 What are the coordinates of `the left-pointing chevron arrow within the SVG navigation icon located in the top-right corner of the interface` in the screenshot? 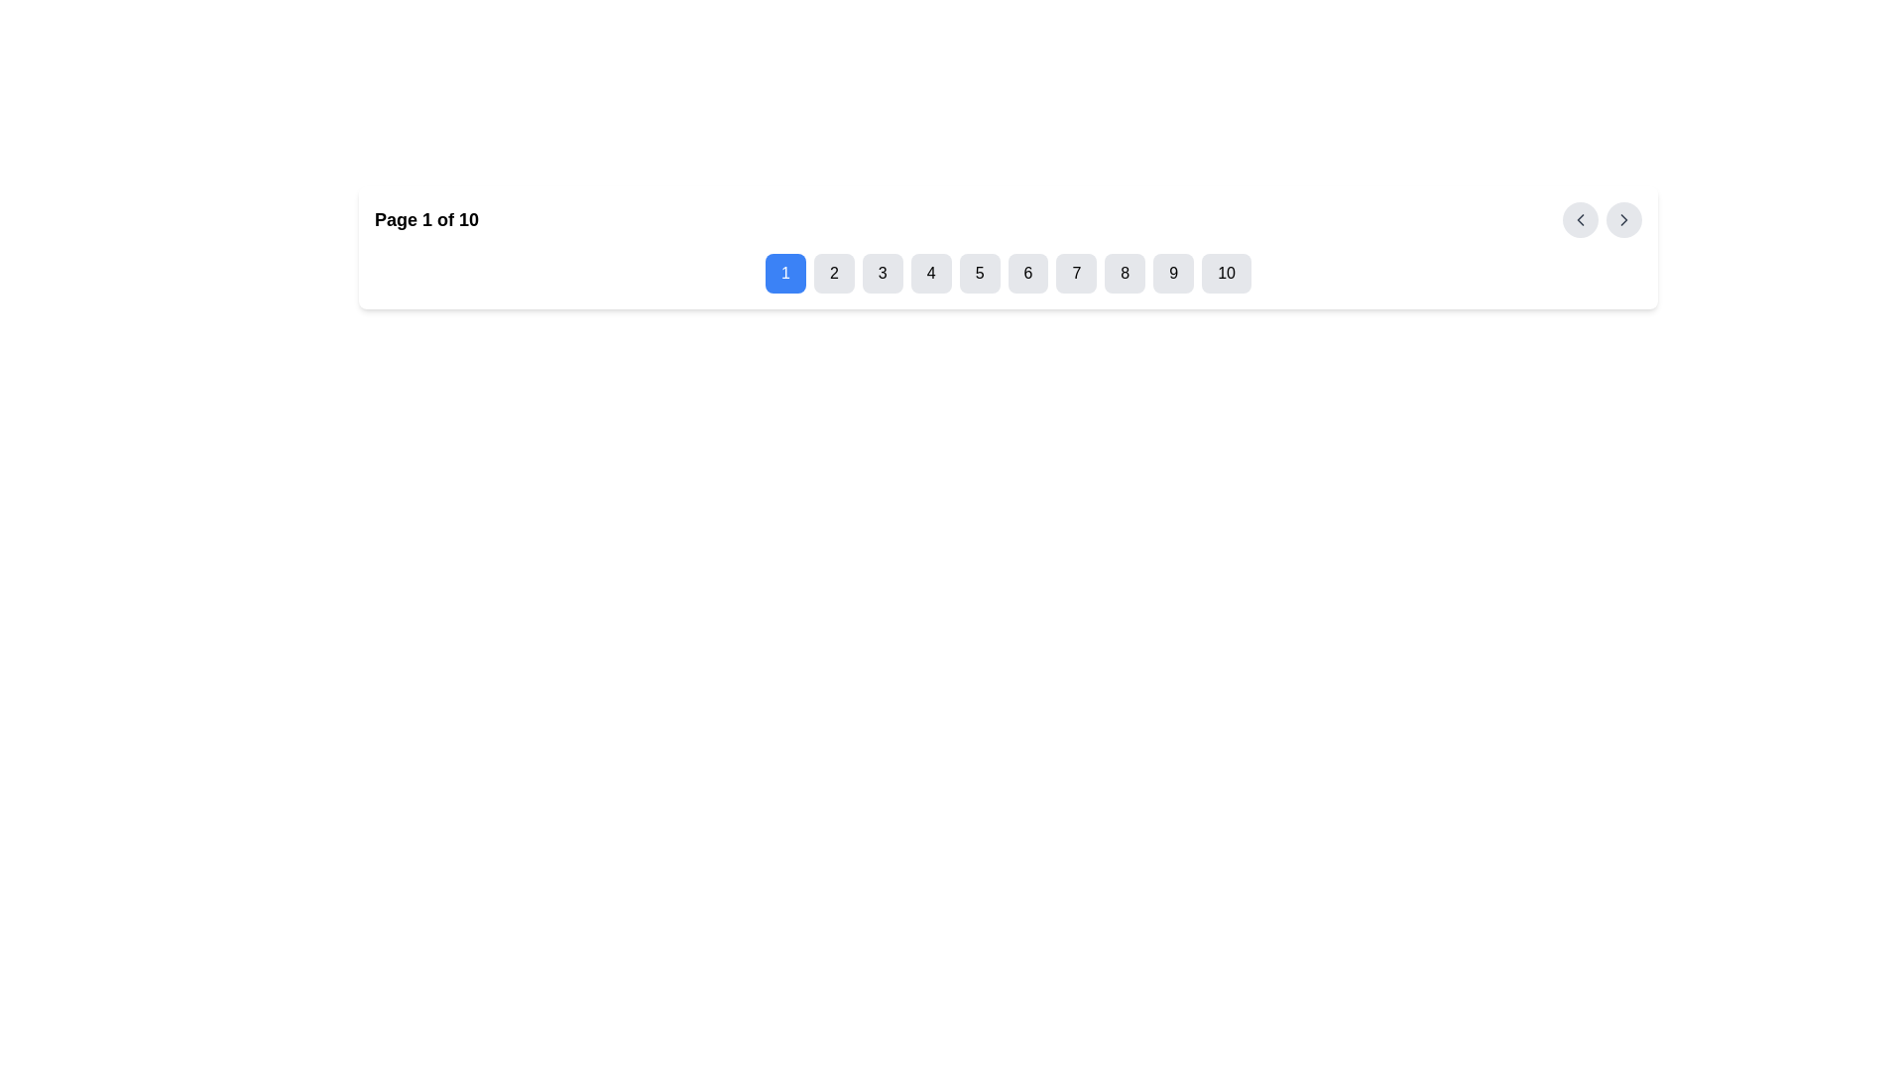 It's located at (1579, 220).